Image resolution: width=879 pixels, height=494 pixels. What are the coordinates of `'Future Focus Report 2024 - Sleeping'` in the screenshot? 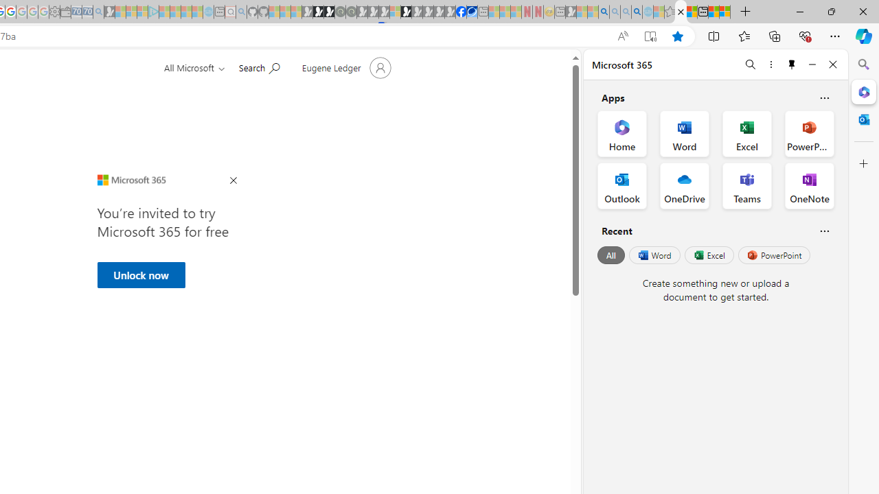 It's located at (351, 12).